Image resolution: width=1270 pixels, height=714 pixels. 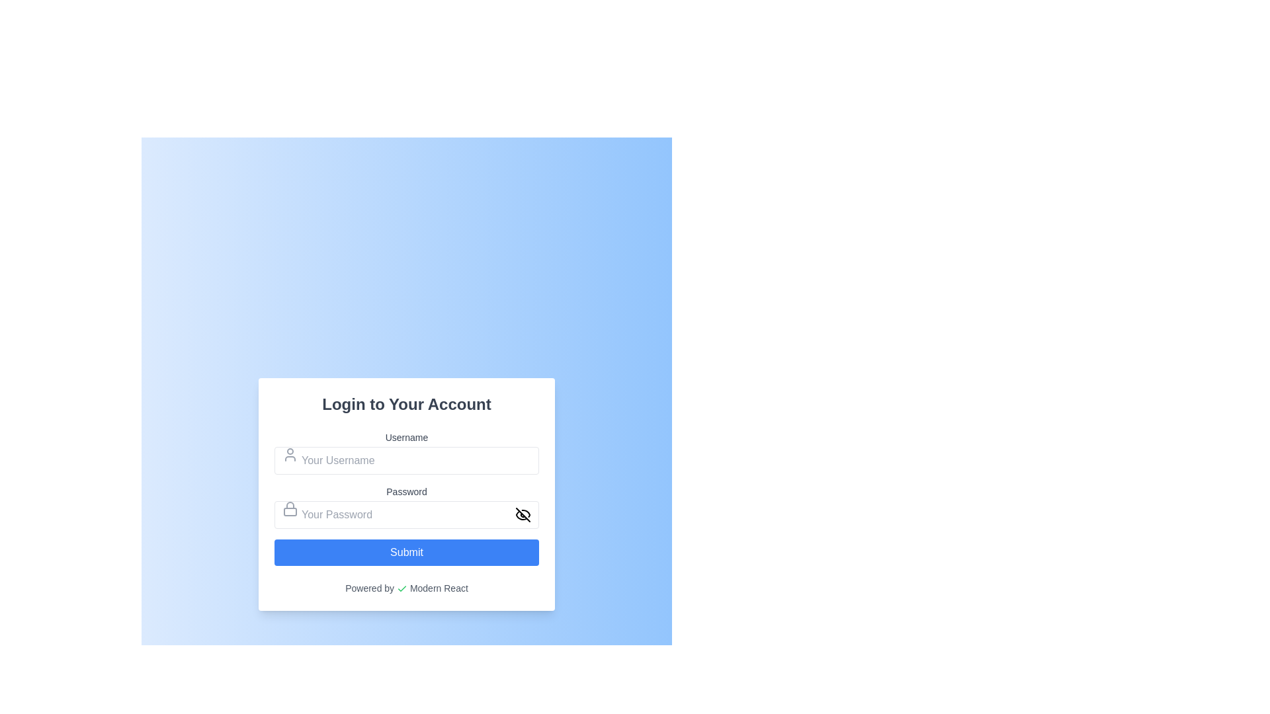 What do you see at coordinates (405, 404) in the screenshot?
I see `the heading text 'Login to Your Account' that is centered at the top of the login form` at bounding box center [405, 404].